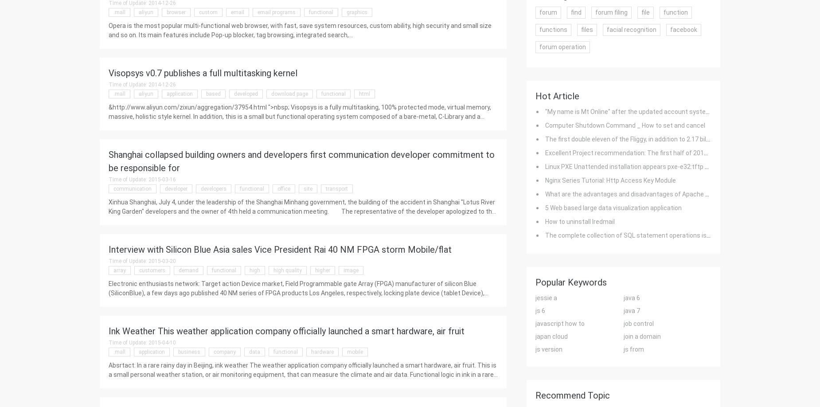 This screenshot has height=407, width=820. I want to click on 'higher', so click(322, 270).